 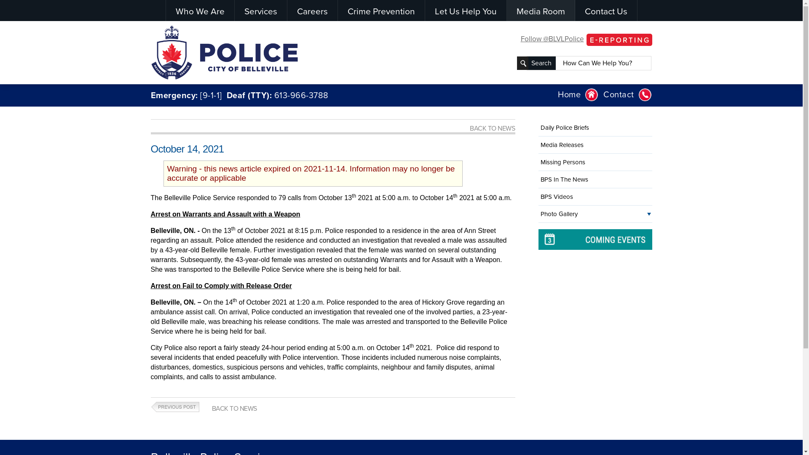 I want to click on 'How Can We Help You?', so click(x=604, y=62).